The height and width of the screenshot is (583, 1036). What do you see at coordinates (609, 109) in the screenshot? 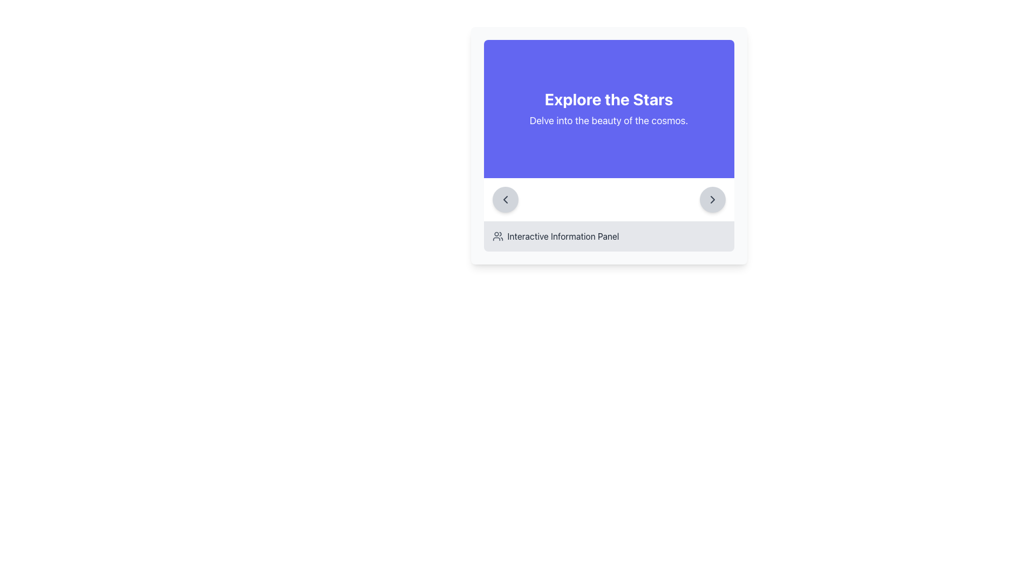
I see `the Decorative and textual header that features the bold white text 'Explore the Stars' and a smaller subtitle 'Delve into the beauty of the cosmos.'` at bounding box center [609, 109].